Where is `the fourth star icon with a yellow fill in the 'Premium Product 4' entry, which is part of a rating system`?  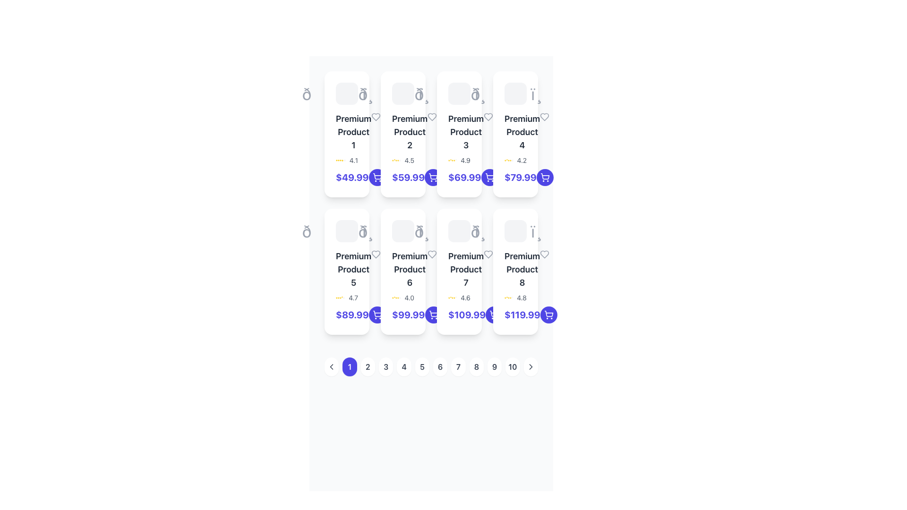 the fourth star icon with a yellow fill in the 'Premium Product 4' entry, which is part of a rating system is located at coordinates (508, 160).